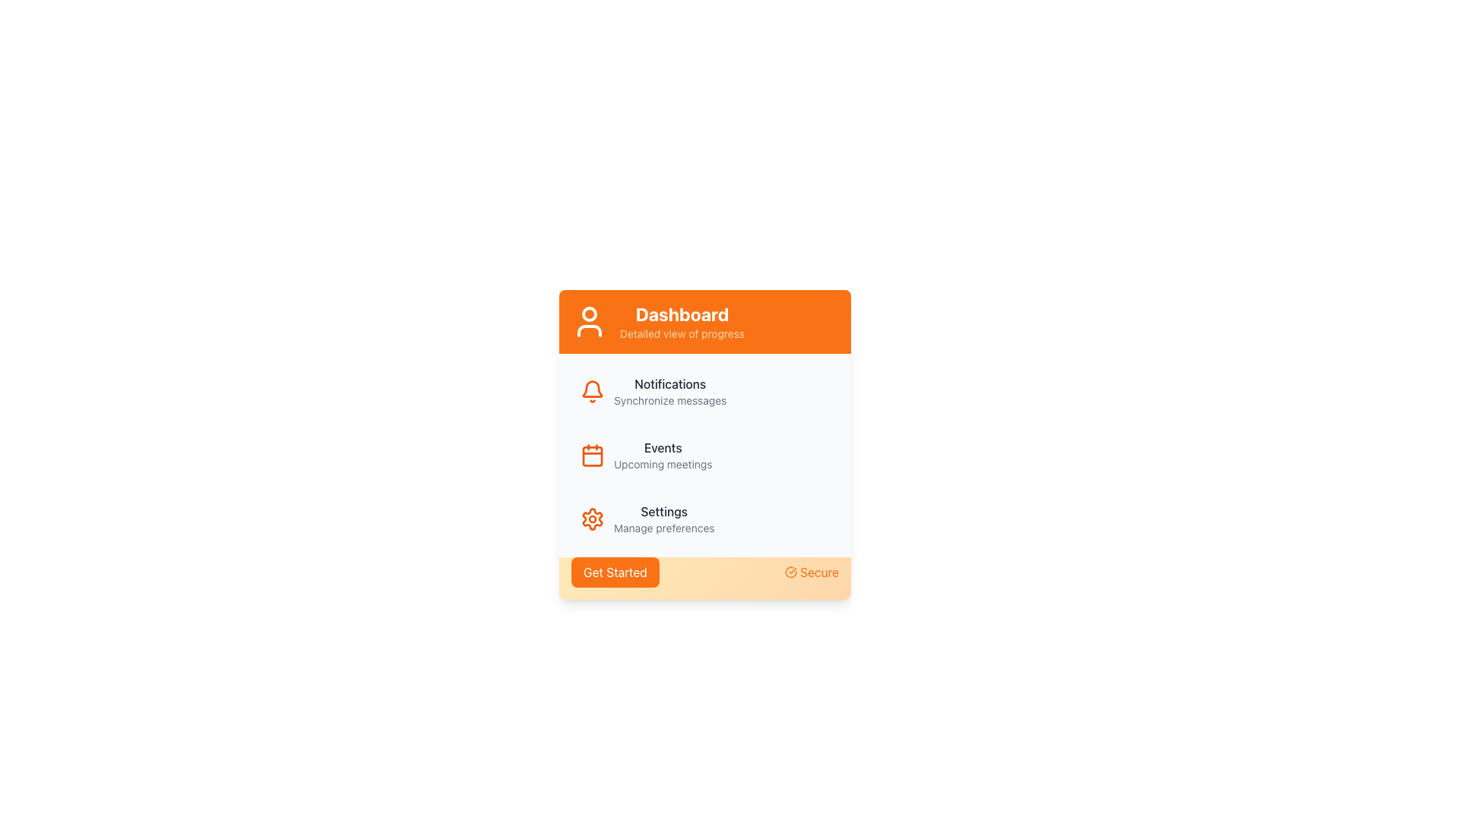 The width and height of the screenshot is (1459, 820). Describe the element at coordinates (664, 527) in the screenshot. I see `the 'Manage preferences' text label located below the 'Settings' title in the lower middle section of the content card` at that location.